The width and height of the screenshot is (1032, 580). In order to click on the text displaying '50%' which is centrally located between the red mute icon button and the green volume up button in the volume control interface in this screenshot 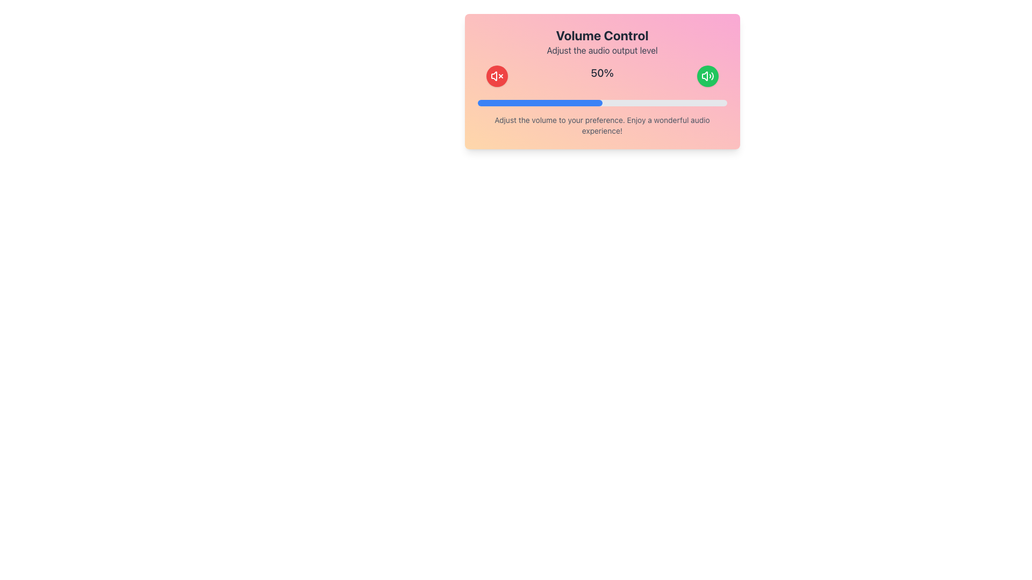, I will do `click(602, 76)`.